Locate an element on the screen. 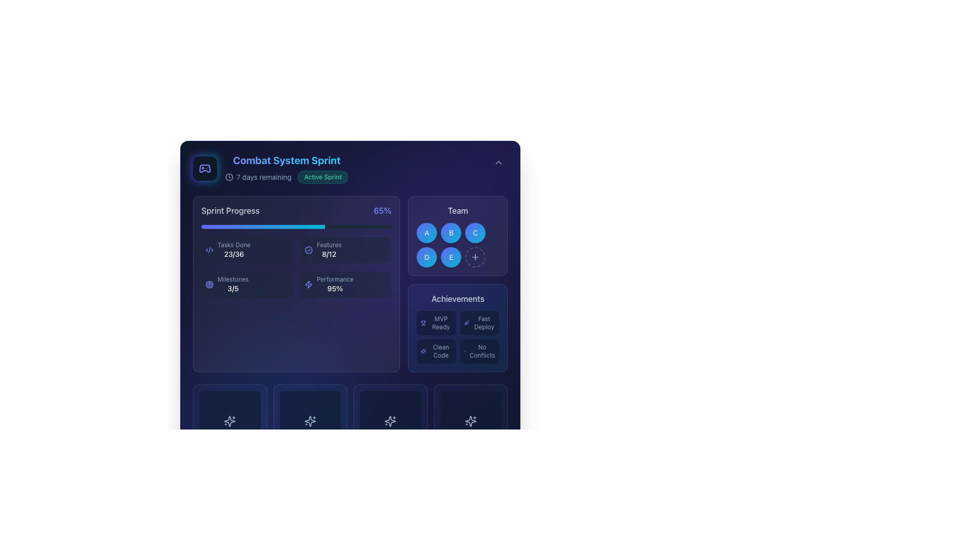  the Text Label that indicates the context or category for the metric '3/5' in the 'Sprint Progress' section is located at coordinates (232, 279).